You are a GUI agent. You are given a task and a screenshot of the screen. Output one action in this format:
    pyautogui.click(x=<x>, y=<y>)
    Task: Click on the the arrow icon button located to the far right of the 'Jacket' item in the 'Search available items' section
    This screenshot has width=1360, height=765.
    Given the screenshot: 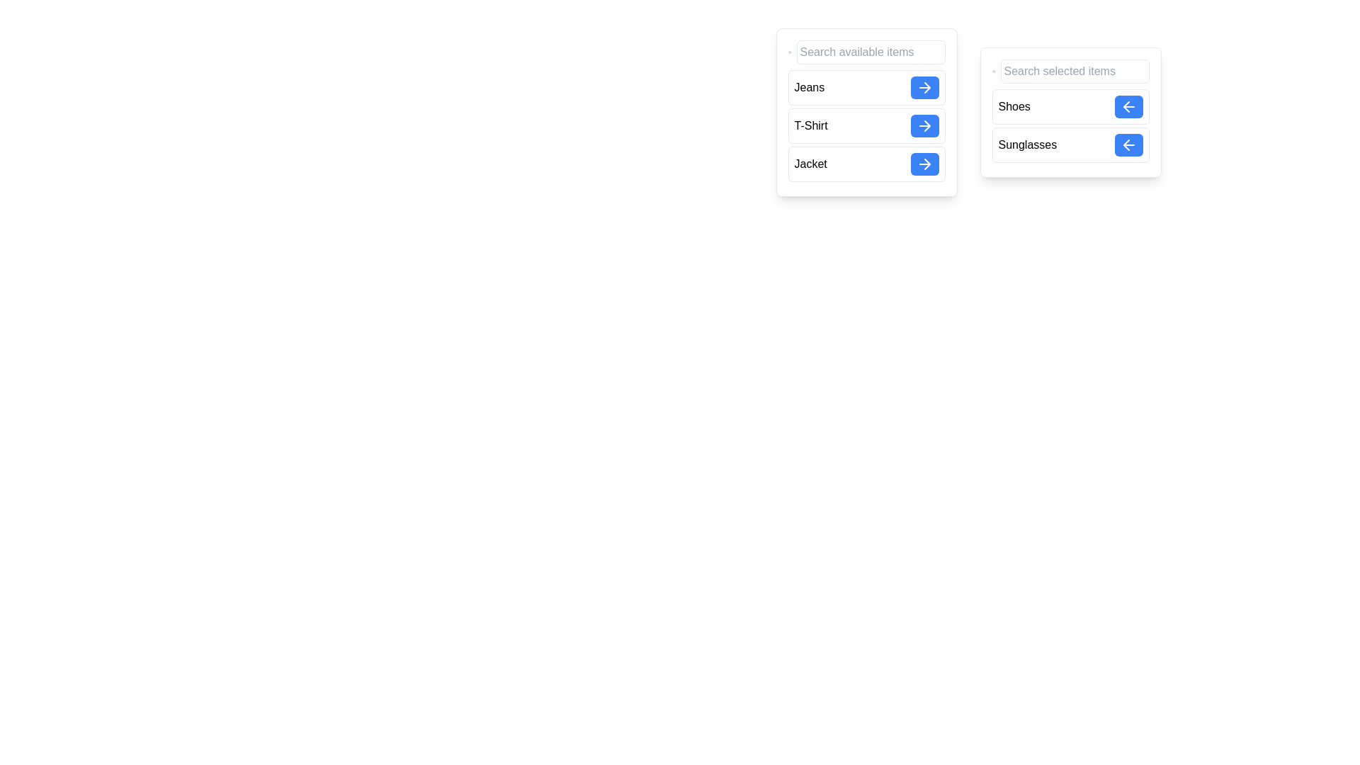 What is the action you would take?
    pyautogui.click(x=924, y=163)
    